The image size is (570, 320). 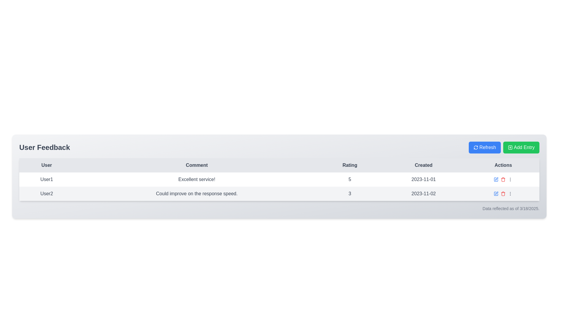 What do you see at coordinates (423, 194) in the screenshot?
I see `the static text displaying the creation date for user 'User2' in the second row of the feedback table` at bounding box center [423, 194].